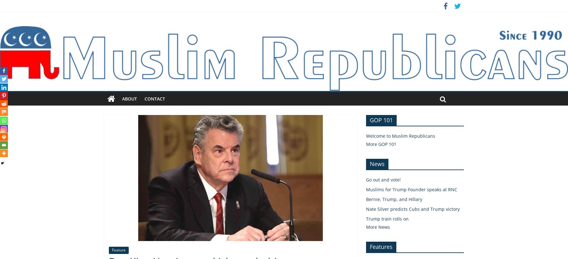 The width and height of the screenshot is (568, 259). Describe the element at coordinates (394, 199) in the screenshot. I see `'Bernie, Trump, and Hillary'` at that location.